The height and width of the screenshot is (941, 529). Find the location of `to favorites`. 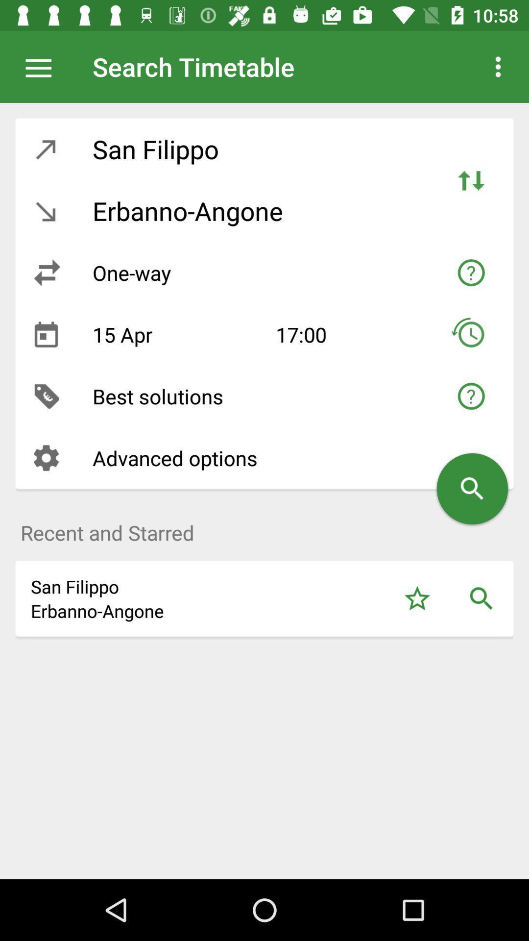

to favorites is located at coordinates (417, 598).